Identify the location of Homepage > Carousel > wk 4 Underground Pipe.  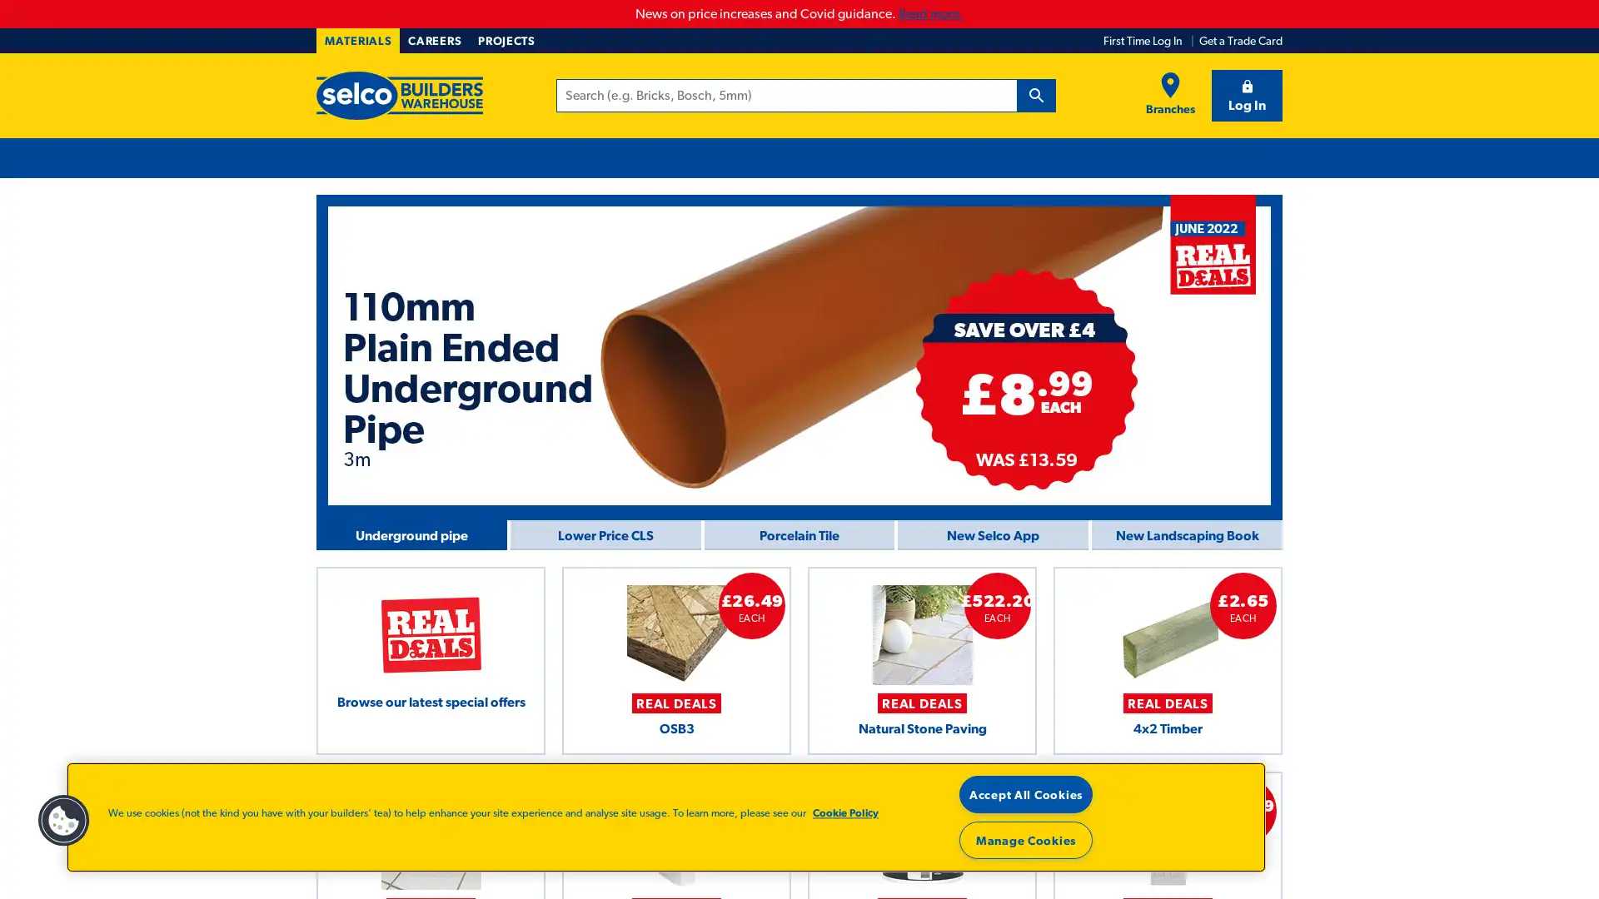
(411, 535).